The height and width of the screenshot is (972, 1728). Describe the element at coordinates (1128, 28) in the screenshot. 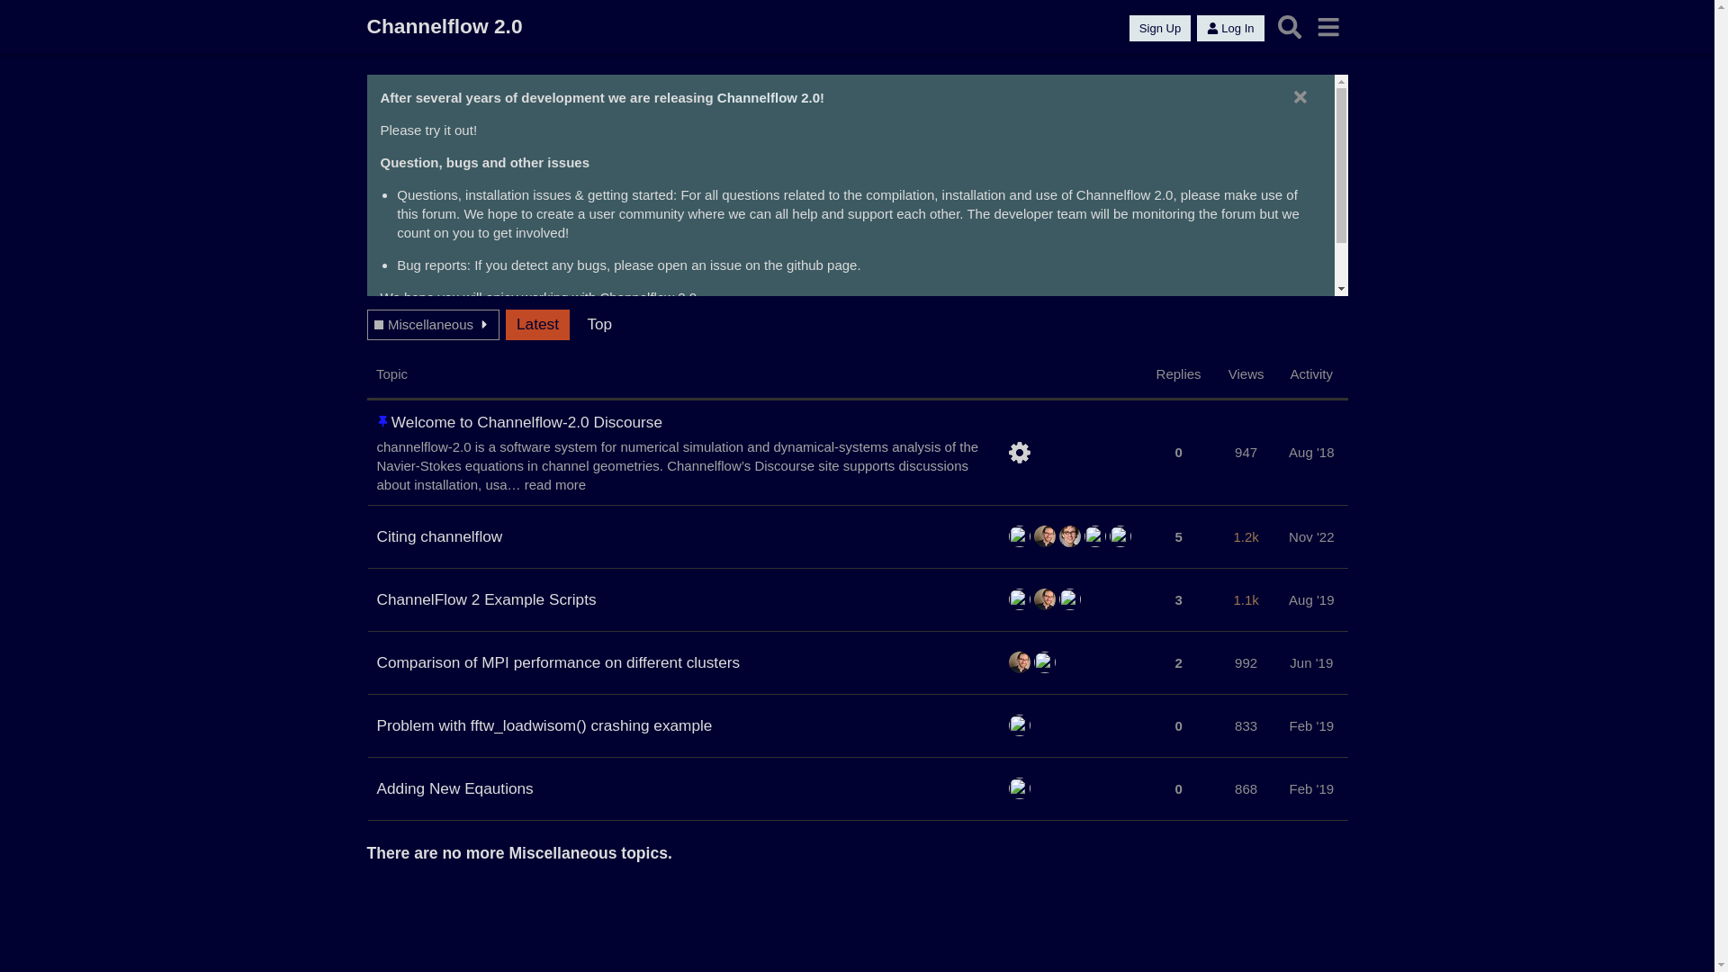

I see `'Sign Up'` at that location.